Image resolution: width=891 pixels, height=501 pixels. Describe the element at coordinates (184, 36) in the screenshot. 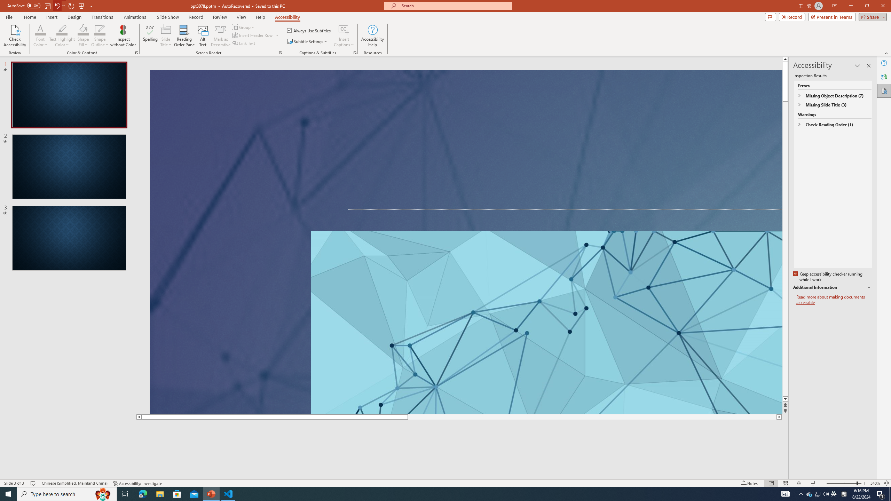

I see `'Reading Order Pane'` at that location.